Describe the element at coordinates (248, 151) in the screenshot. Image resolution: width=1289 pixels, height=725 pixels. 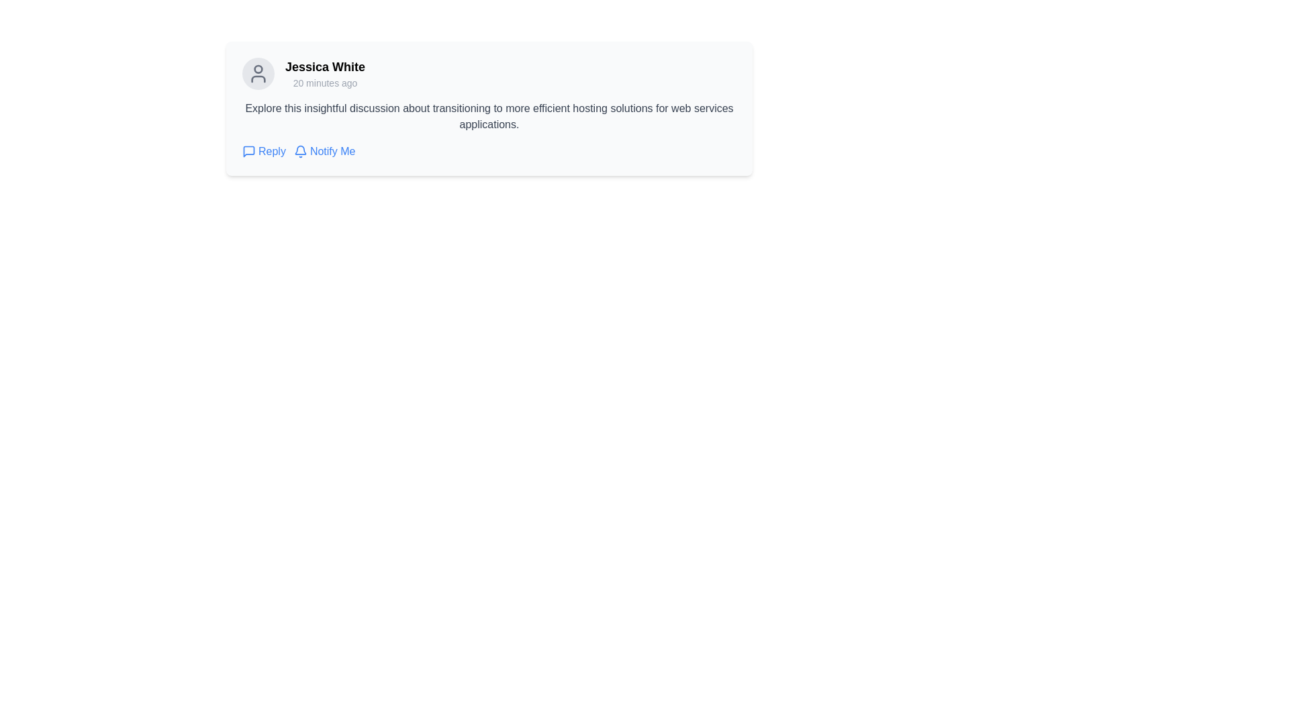
I see `the small speech bubble icon styled as an outline, located to the left of the 'Reply' text in the bottom section of a comment component` at that location.